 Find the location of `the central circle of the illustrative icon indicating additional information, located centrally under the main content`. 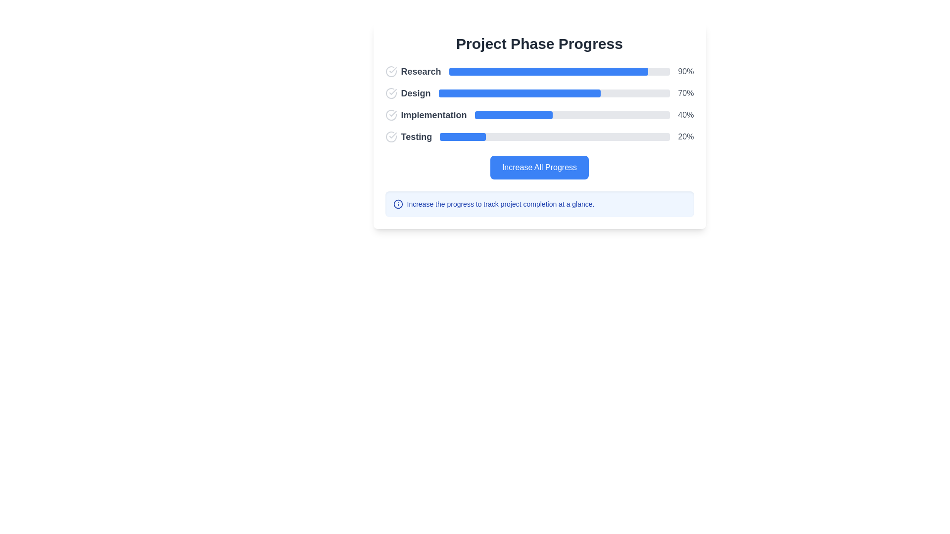

the central circle of the illustrative icon indicating additional information, located centrally under the main content is located at coordinates (398, 203).